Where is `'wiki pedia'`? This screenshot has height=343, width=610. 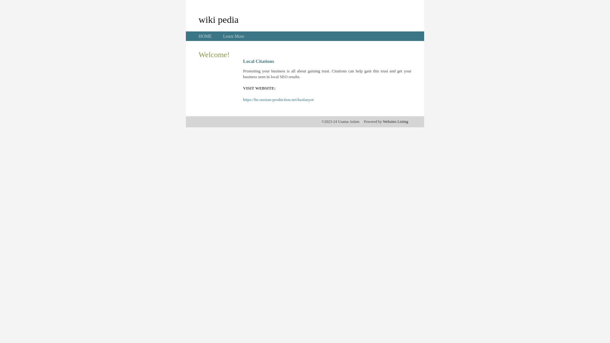 'wiki pedia' is located at coordinates (218, 19).